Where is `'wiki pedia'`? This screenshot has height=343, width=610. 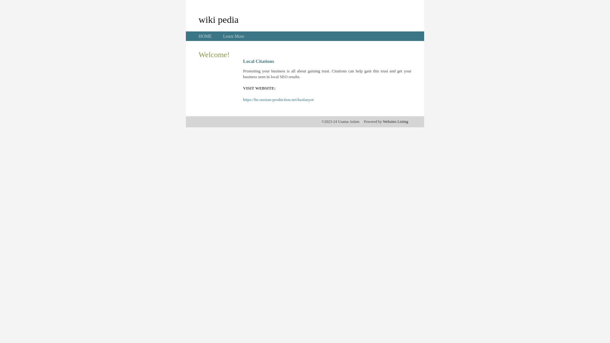 'wiki pedia' is located at coordinates (218, 19).